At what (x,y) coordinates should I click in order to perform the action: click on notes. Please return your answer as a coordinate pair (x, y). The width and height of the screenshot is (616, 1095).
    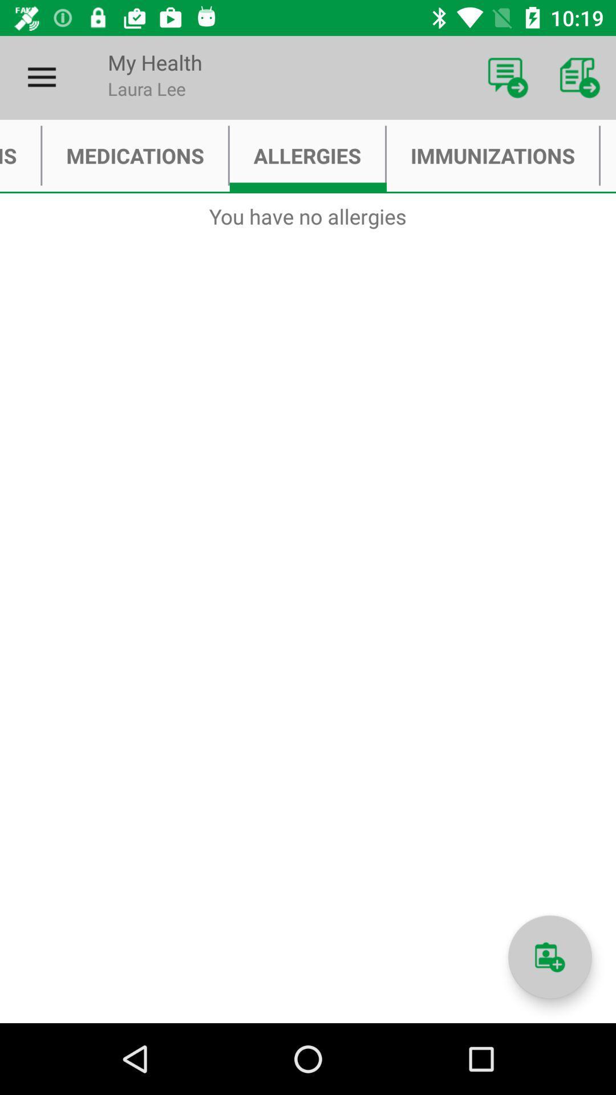
    Looking at the image, I should click on (549, 957).